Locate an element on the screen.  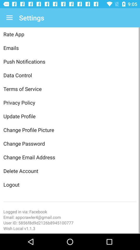
the item above the data control icon is located at coordinates (70, 61).